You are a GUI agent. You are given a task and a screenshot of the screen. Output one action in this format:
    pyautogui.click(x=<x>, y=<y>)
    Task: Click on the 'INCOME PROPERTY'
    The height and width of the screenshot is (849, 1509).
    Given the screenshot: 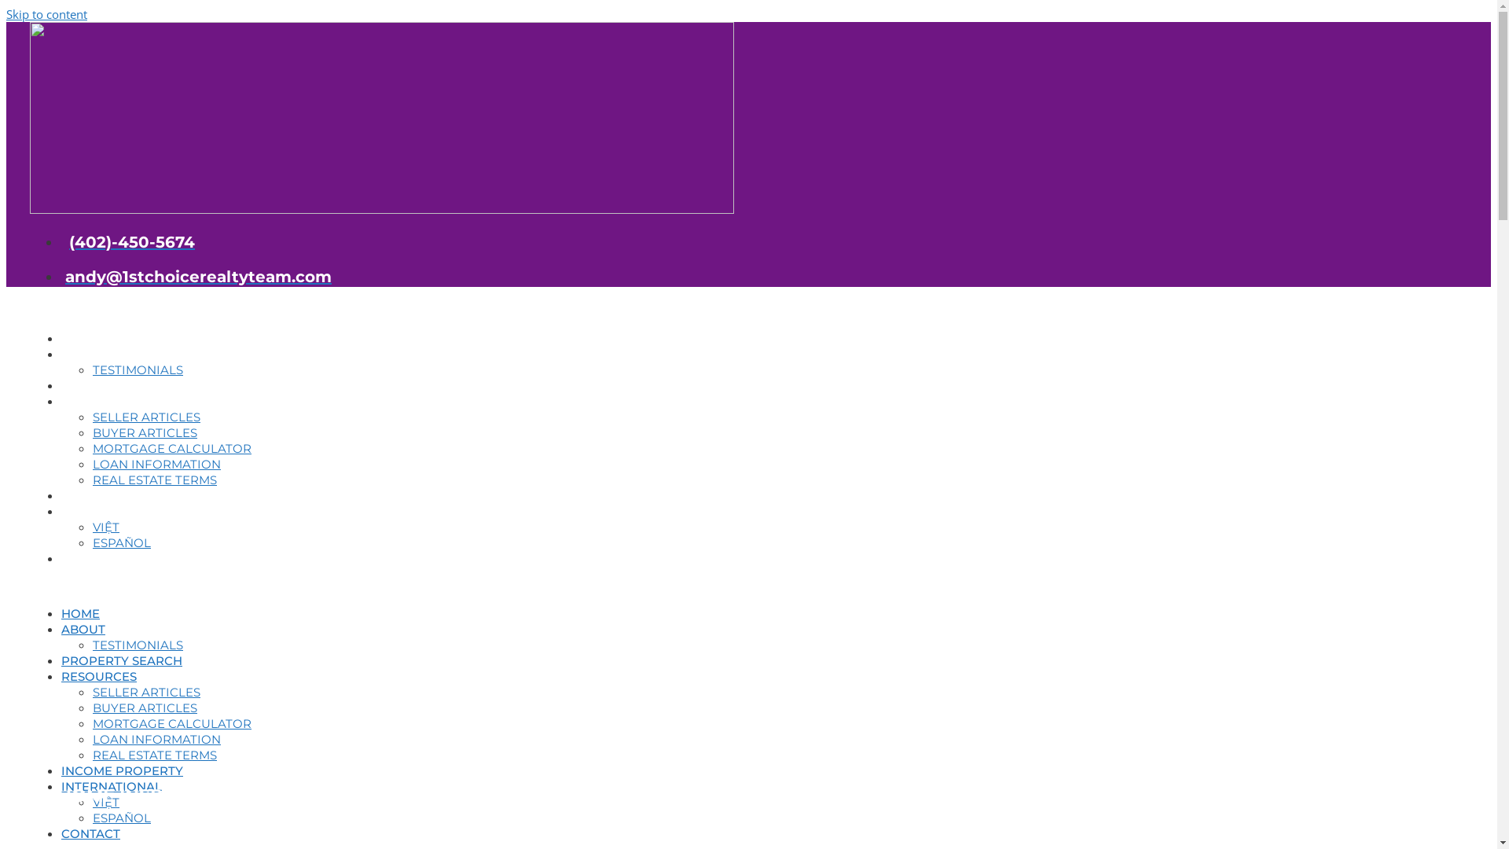 What is the action you would take?
    pyautogui.click(x=121, y=770)
    